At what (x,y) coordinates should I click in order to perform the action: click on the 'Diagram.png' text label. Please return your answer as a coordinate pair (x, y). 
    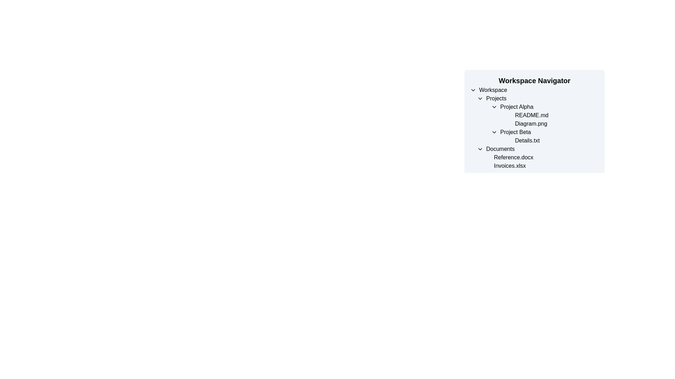
    Looking at the image, I should click on (531, 124).